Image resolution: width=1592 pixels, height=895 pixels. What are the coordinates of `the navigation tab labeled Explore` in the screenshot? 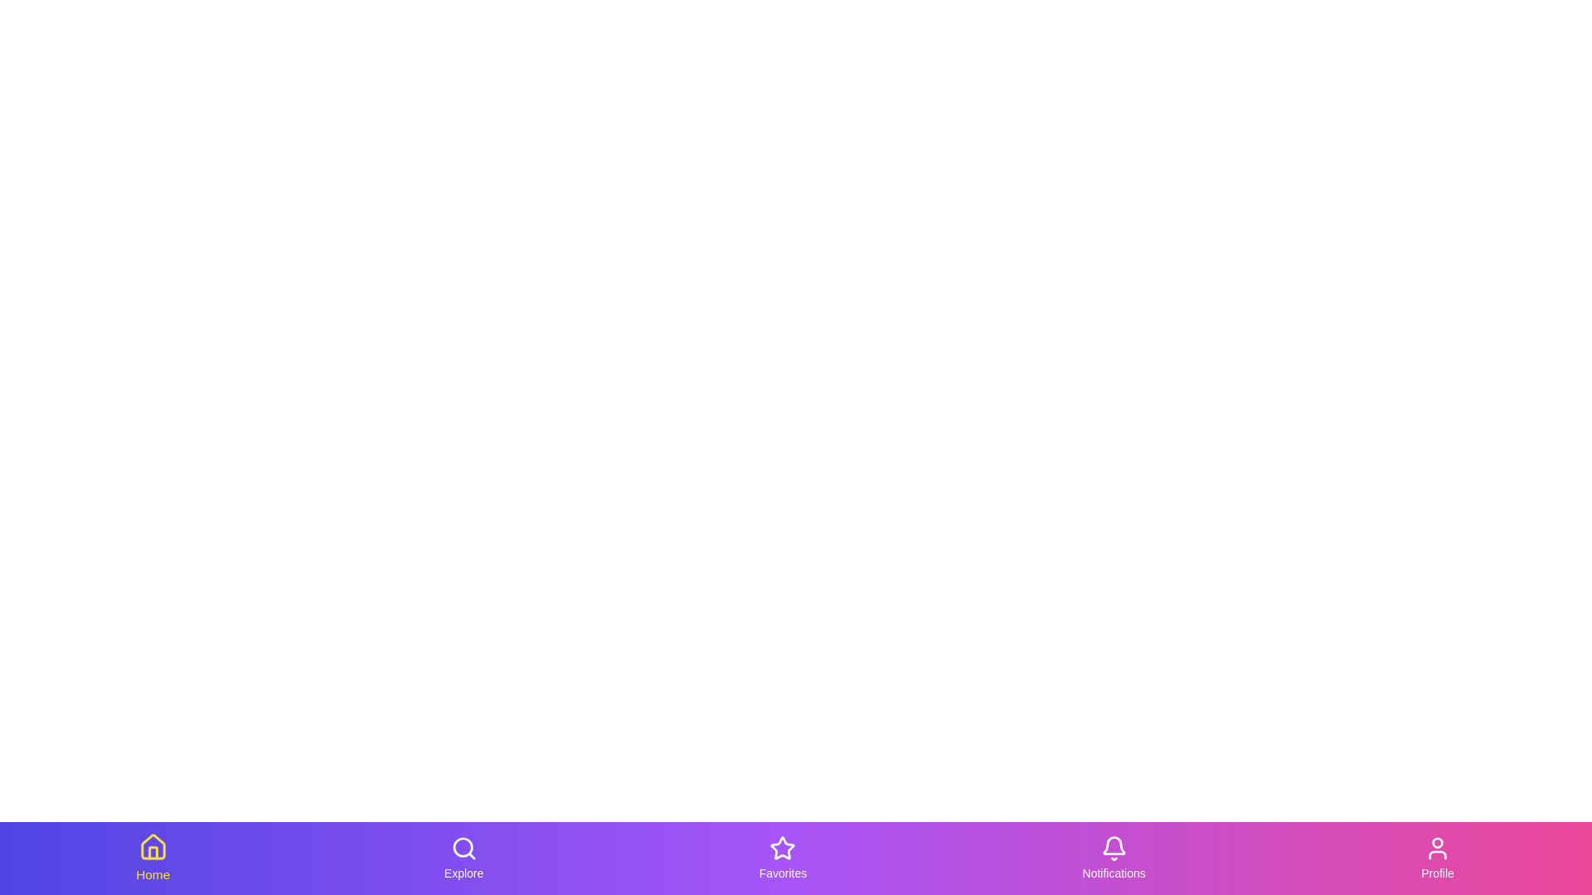 It's located at (464, 858).